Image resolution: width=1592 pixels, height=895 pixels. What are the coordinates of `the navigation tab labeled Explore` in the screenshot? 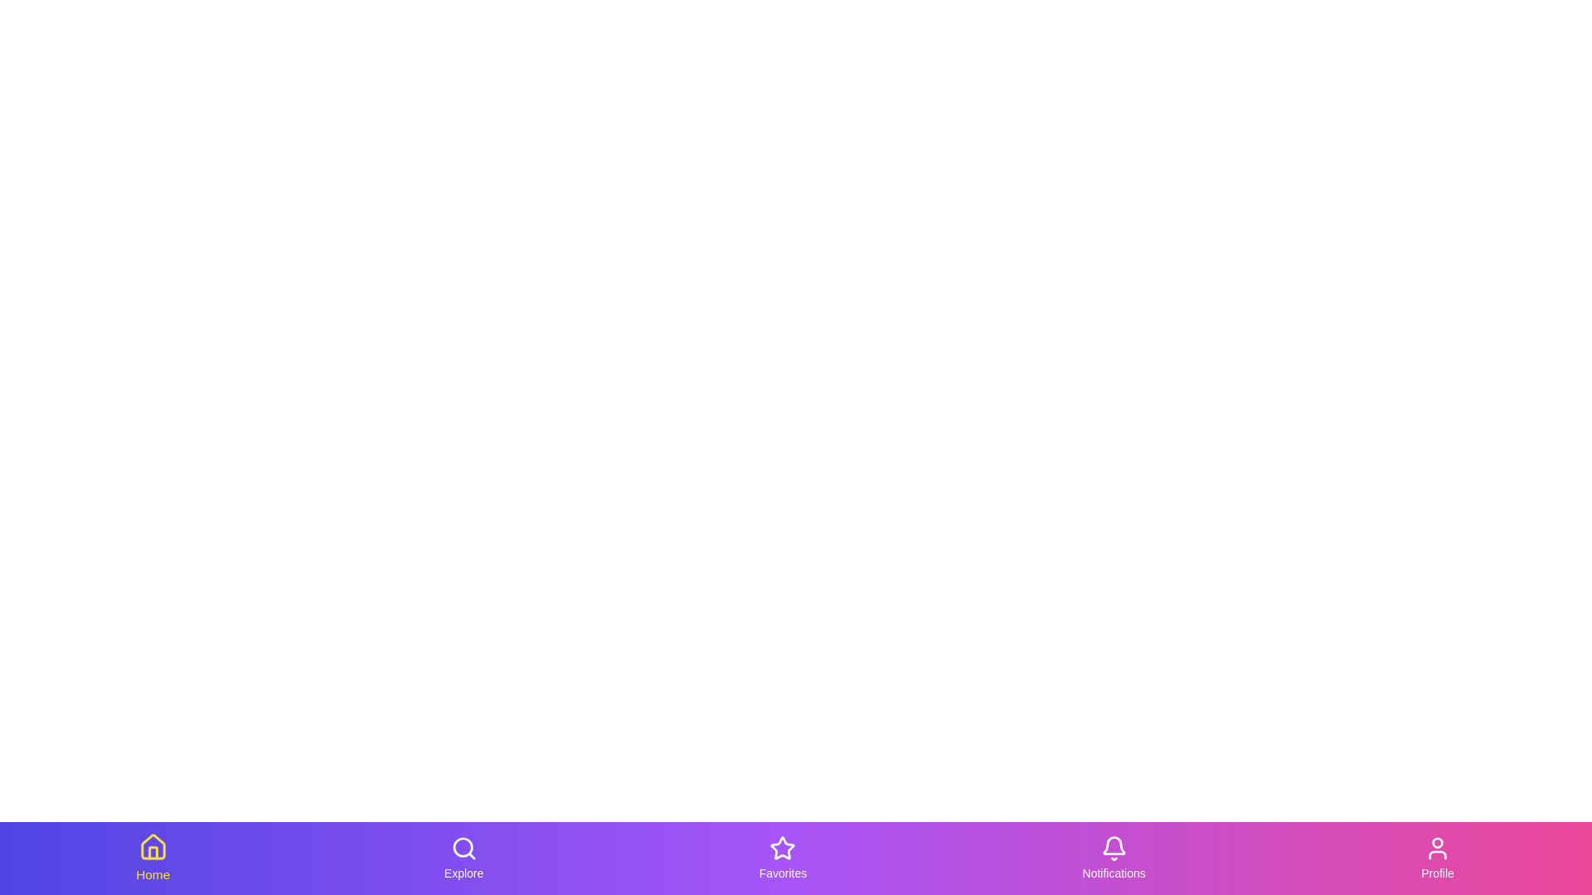 It's located at (464, 858).